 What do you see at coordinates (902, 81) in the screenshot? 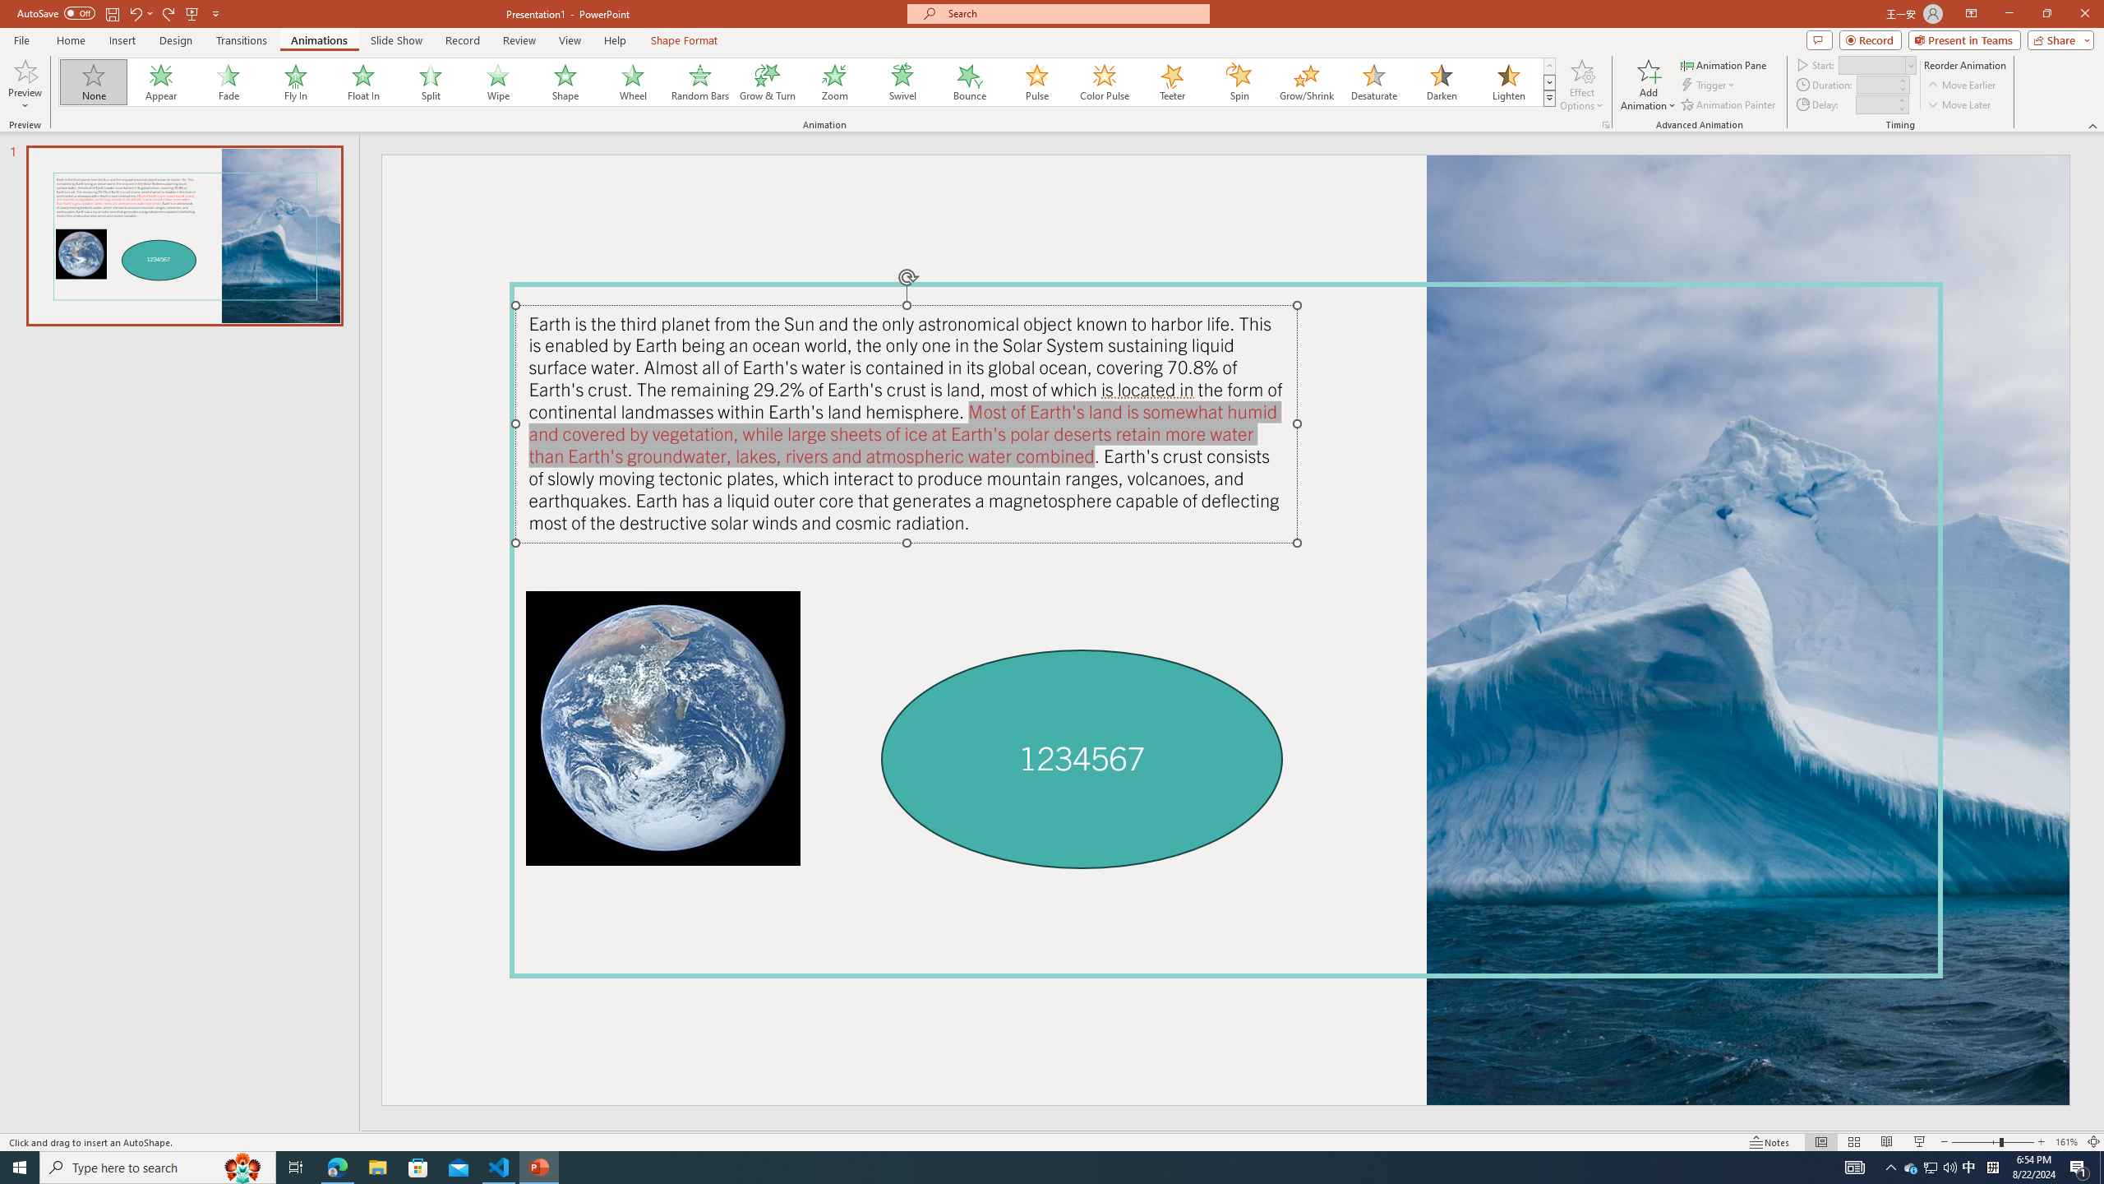
I see `'Swivel'` at bounding box center [902, 81].